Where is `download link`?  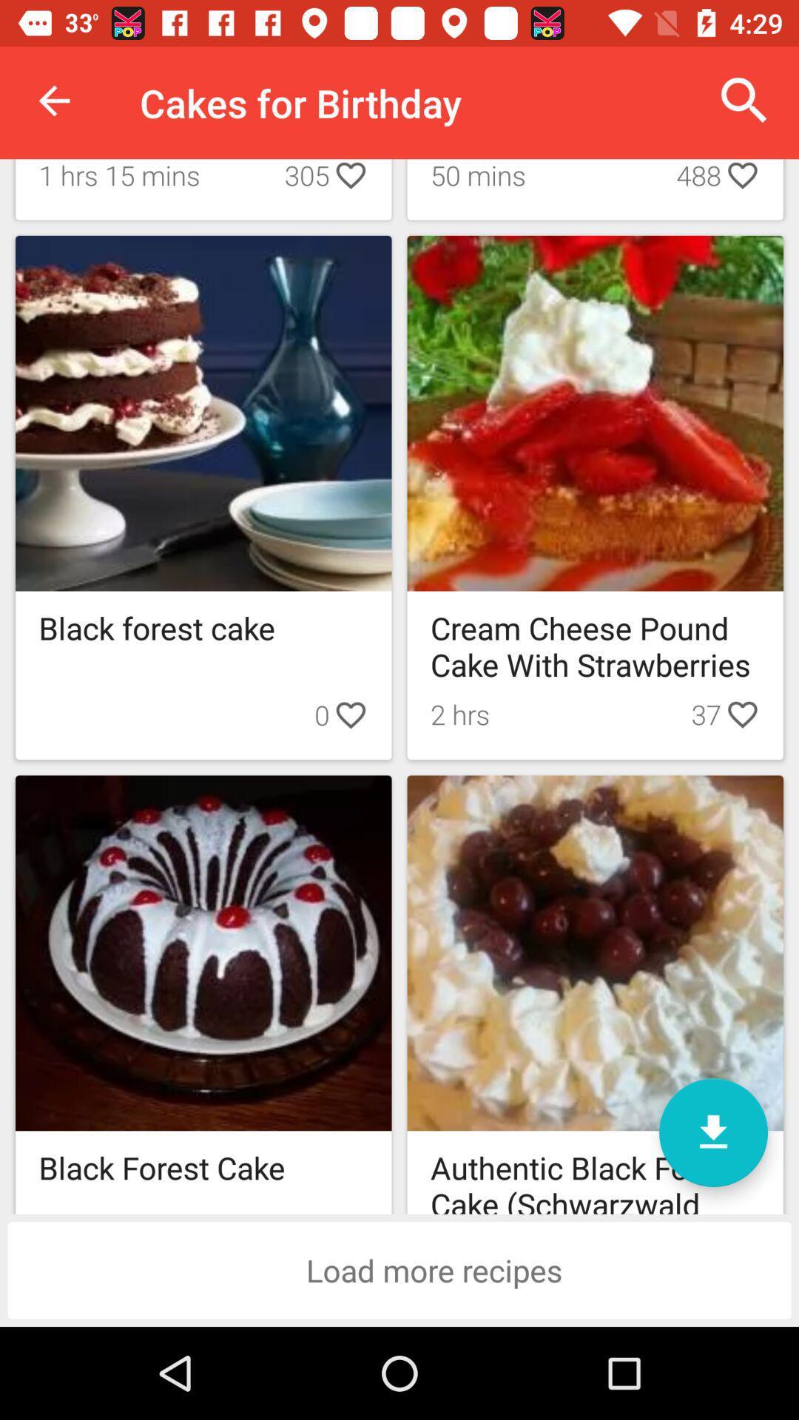
download link is located at coordinates (712, 1132).